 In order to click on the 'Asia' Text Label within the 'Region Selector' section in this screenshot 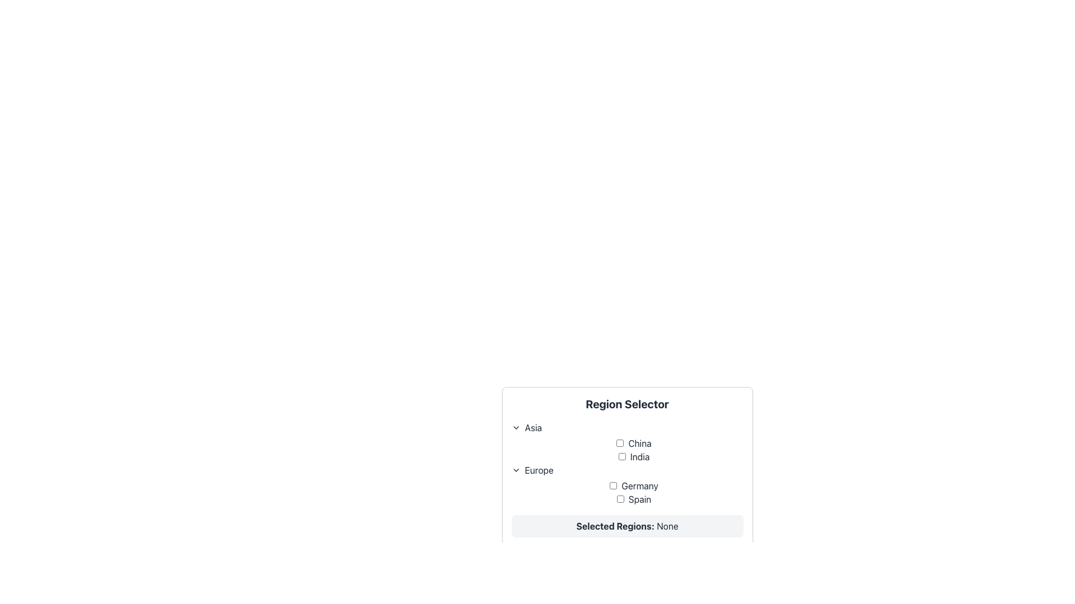, I will do `click(532, 427)`.